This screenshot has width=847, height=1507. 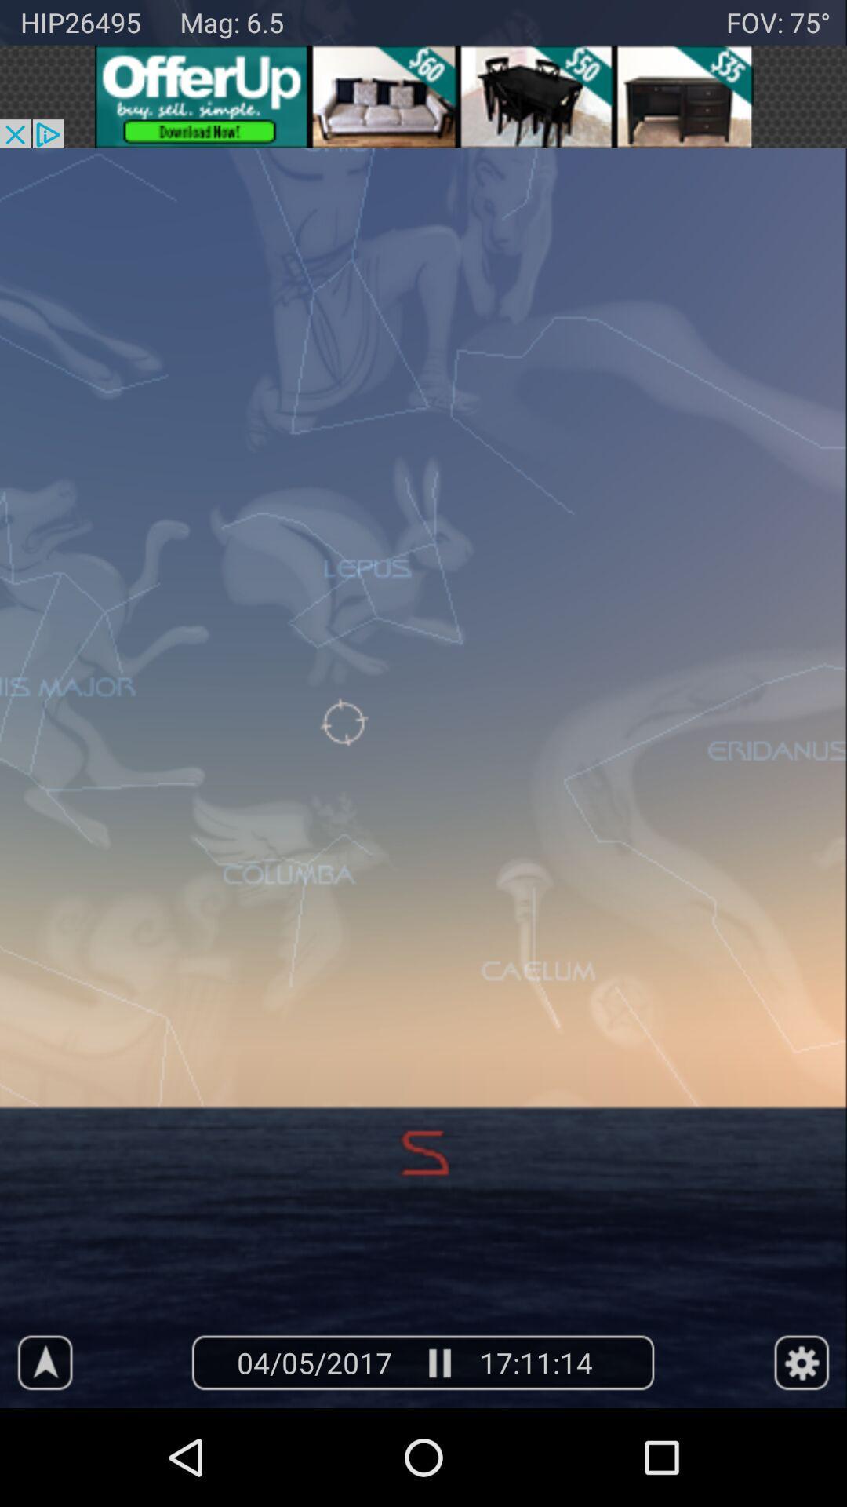 What do you see at coordinates (438, 1362) in the screenshot?
I see `switch pause option` at bounding box center [438, 1362].